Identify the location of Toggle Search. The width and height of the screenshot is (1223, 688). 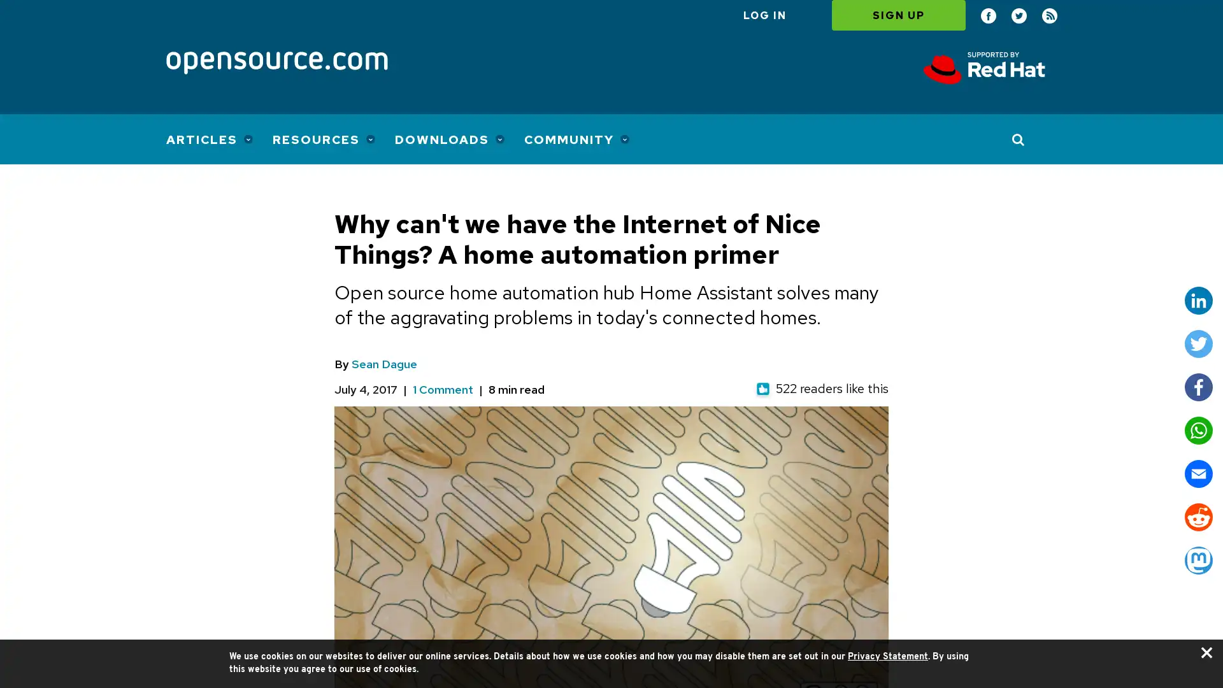
(1018, 139).